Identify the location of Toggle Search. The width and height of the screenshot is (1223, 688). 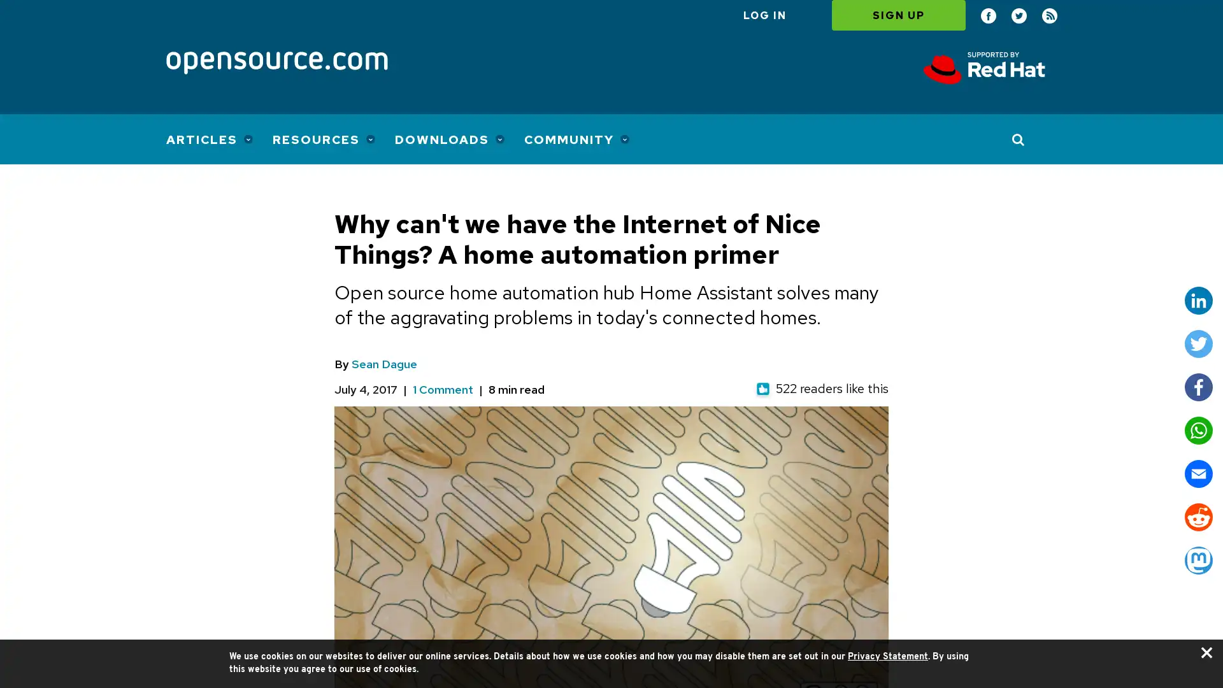
(1018, 139).